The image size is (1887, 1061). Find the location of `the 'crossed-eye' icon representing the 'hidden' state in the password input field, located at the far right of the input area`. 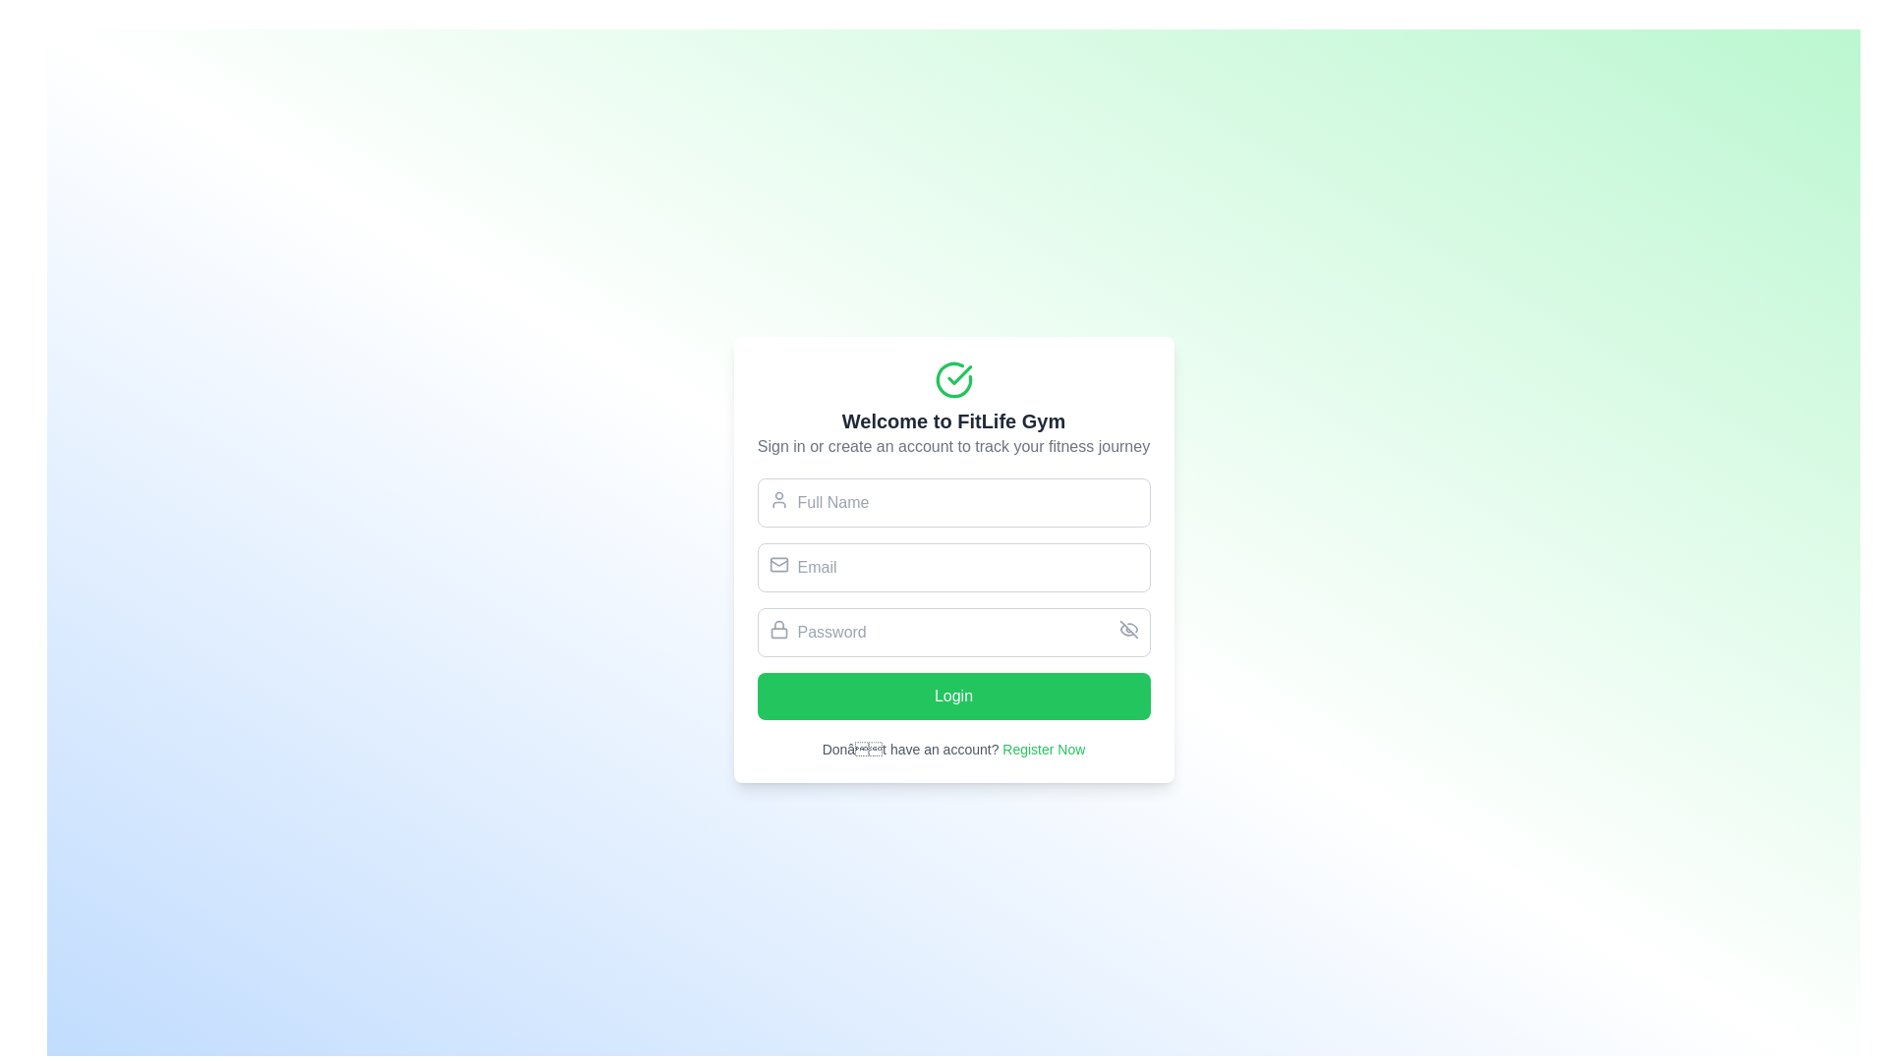

the 'crossed-eye' icon representing the 'hidden' state in the password input field, located at the far right of the input area is located at coordinates (1128, 629).